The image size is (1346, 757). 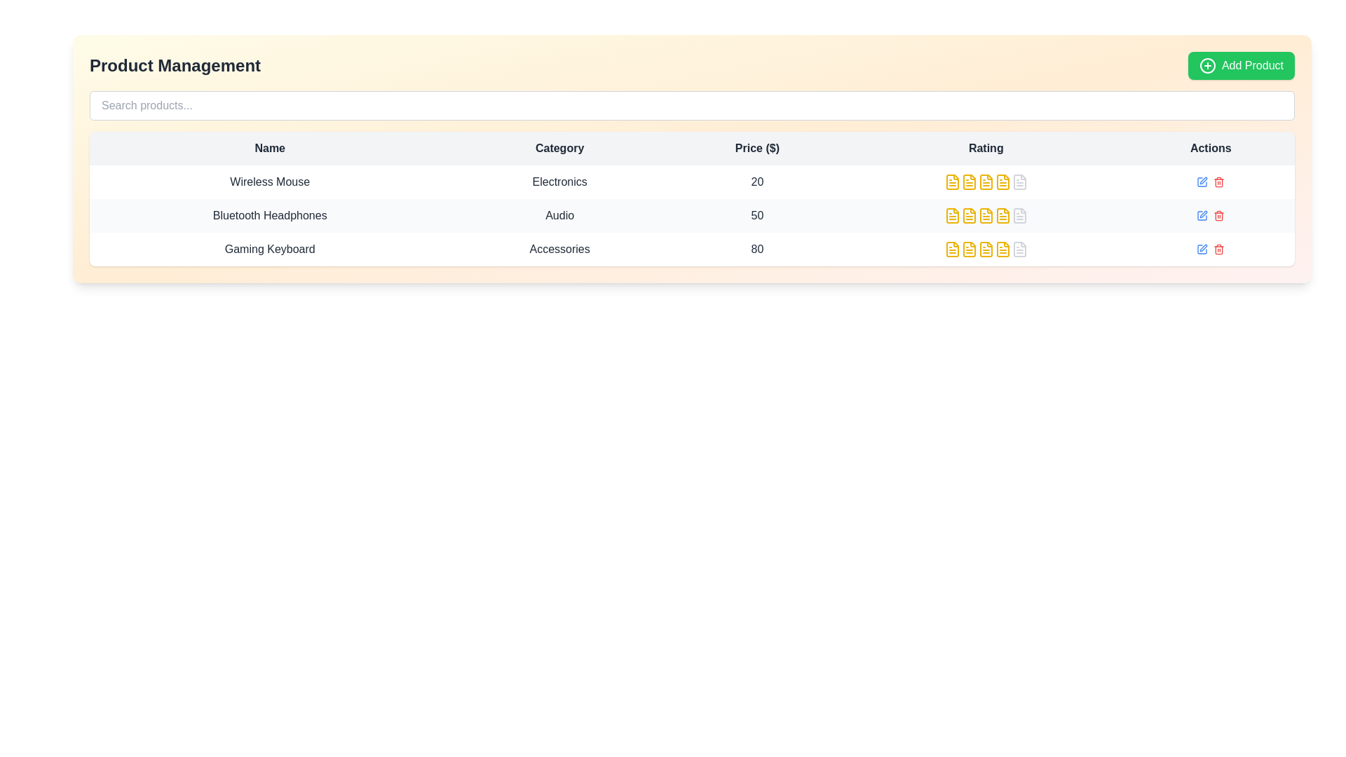 What do you see at coordinates (968, 216) in the screenshot?
I see `the third file document icon located in the second row of the 'Rating' column in the table` at bounding box center [968, 216].